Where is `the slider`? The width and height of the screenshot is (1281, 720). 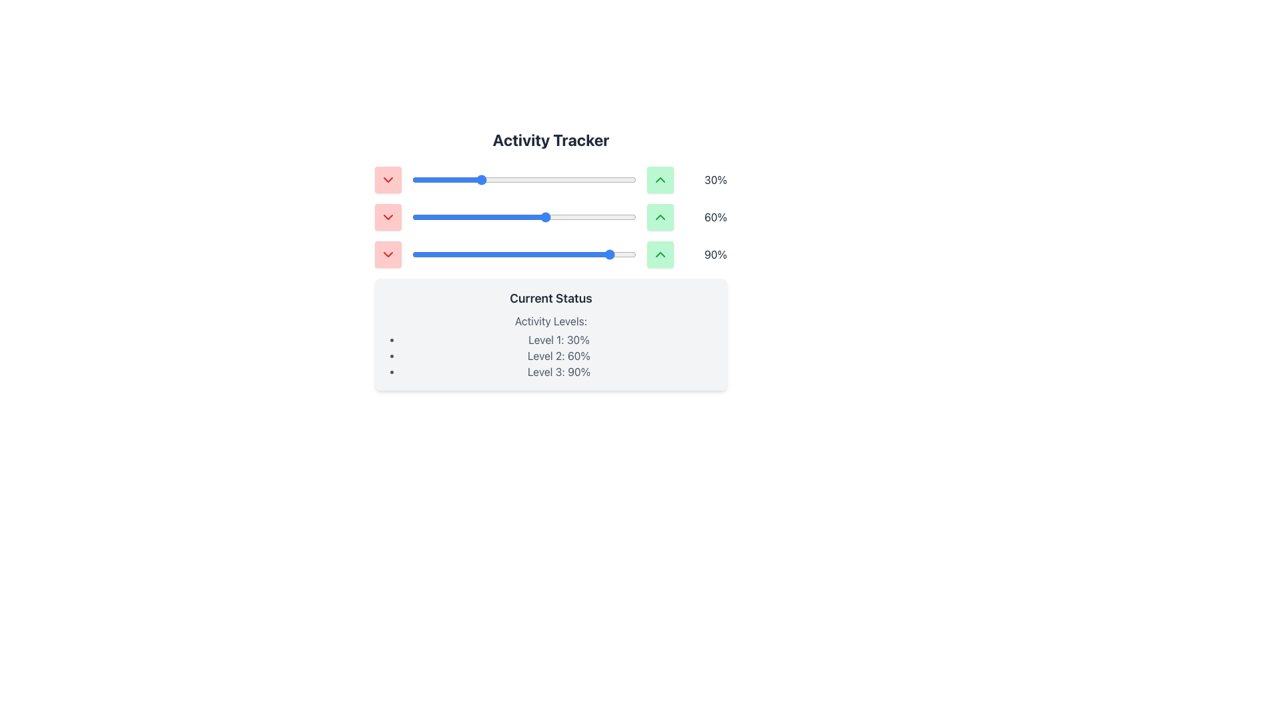 the slider is located at coordinates (454, 254).